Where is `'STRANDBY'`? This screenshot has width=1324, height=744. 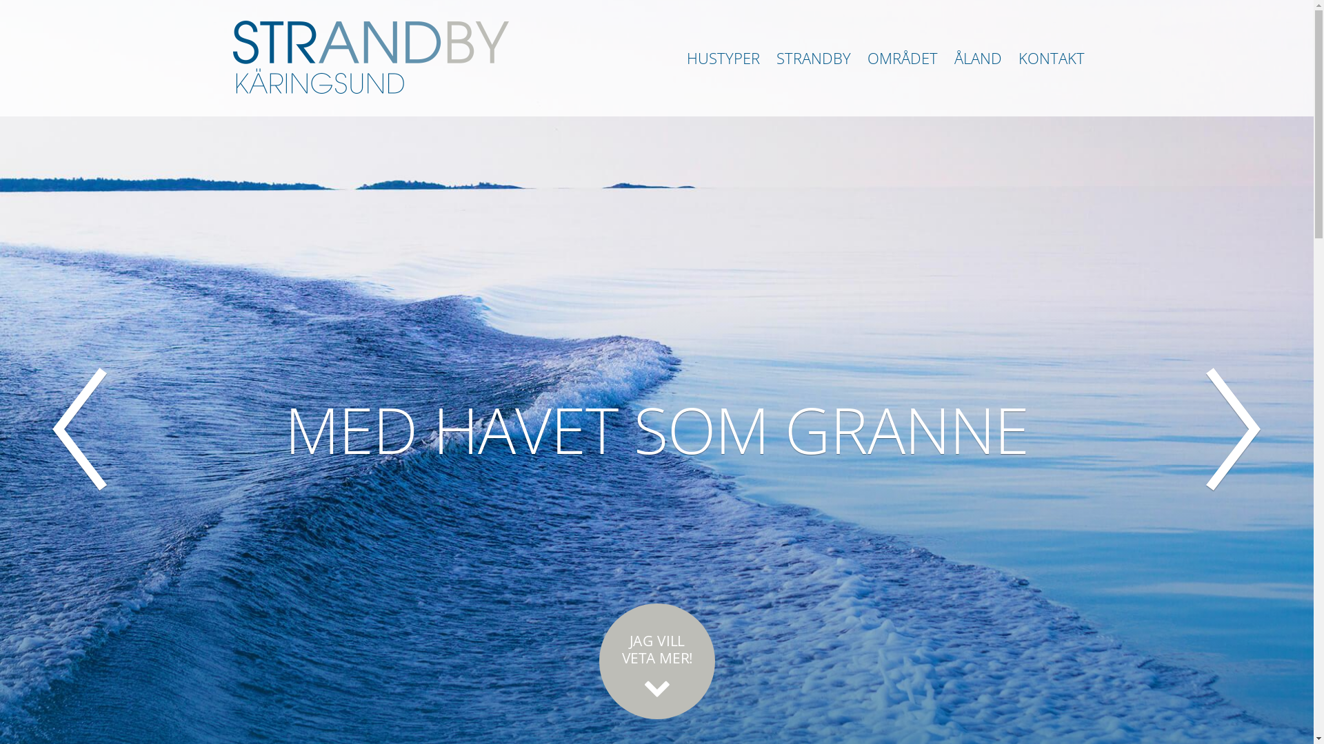
'STRANDBY' is located at coordinates (814, 57).